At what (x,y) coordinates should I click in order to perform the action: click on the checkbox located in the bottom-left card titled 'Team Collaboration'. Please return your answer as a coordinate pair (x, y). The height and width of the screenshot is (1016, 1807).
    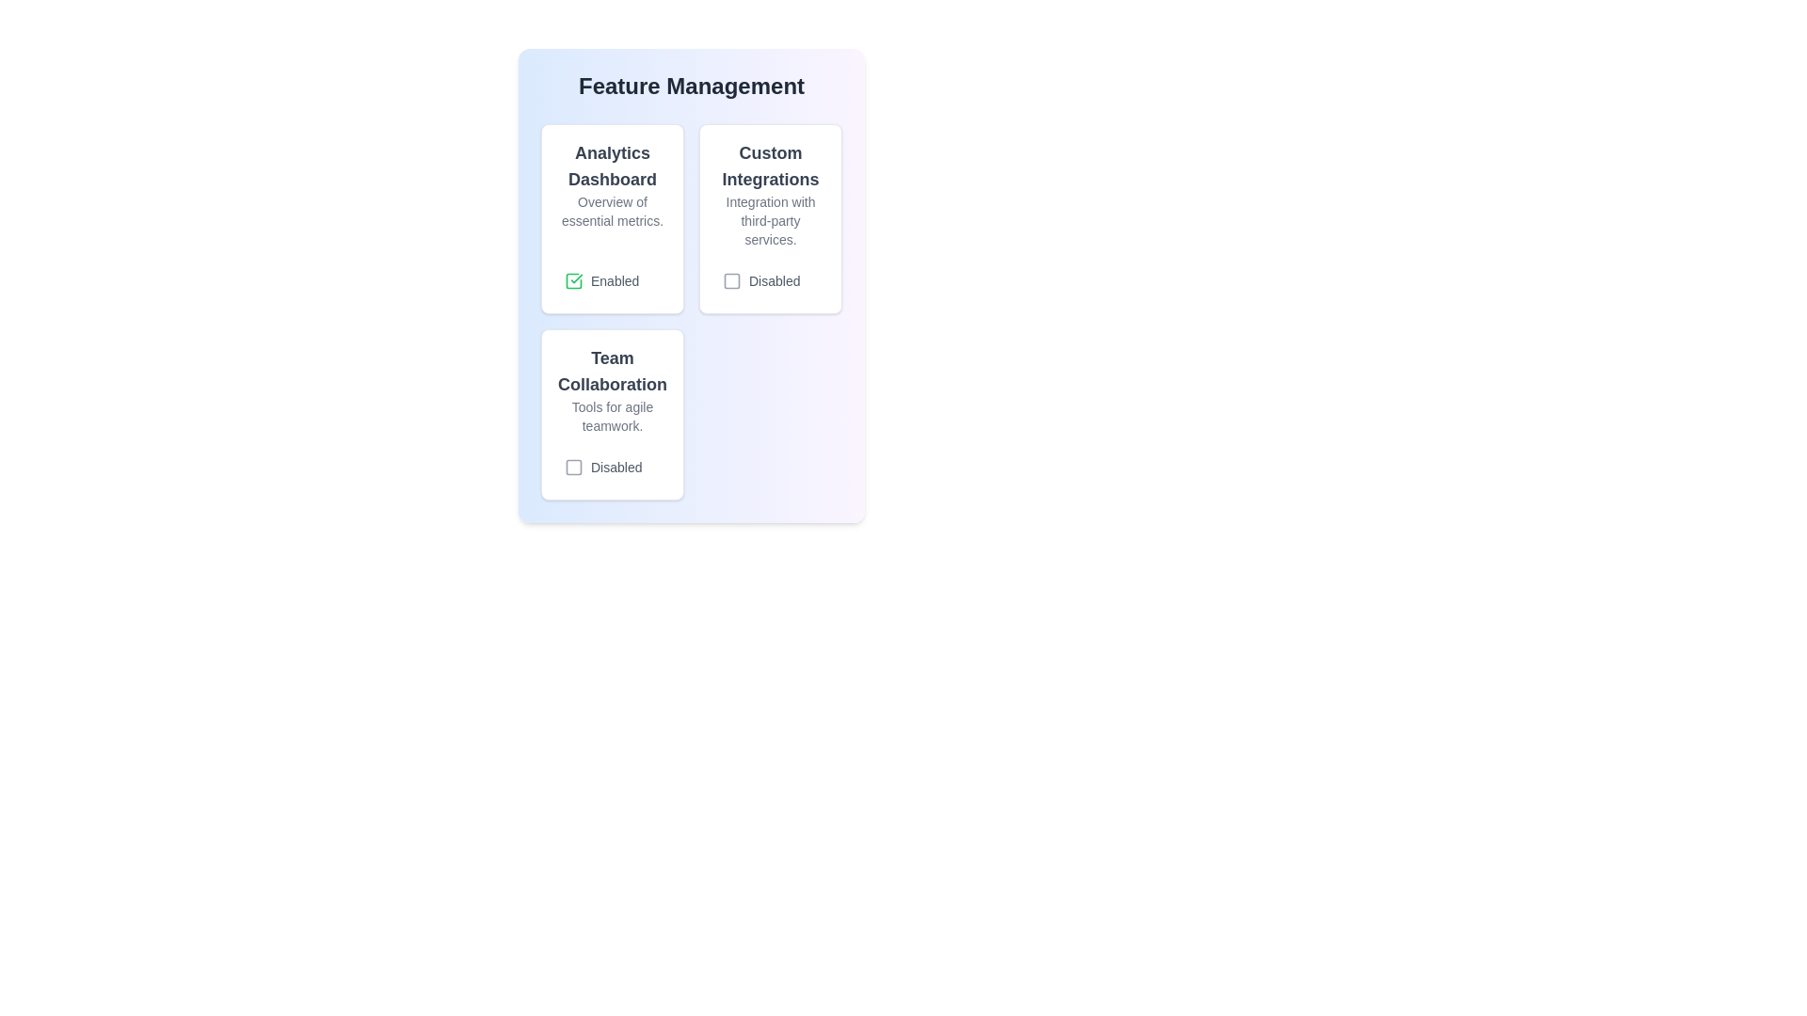
    Looking at the image, I should click on (572, 467).